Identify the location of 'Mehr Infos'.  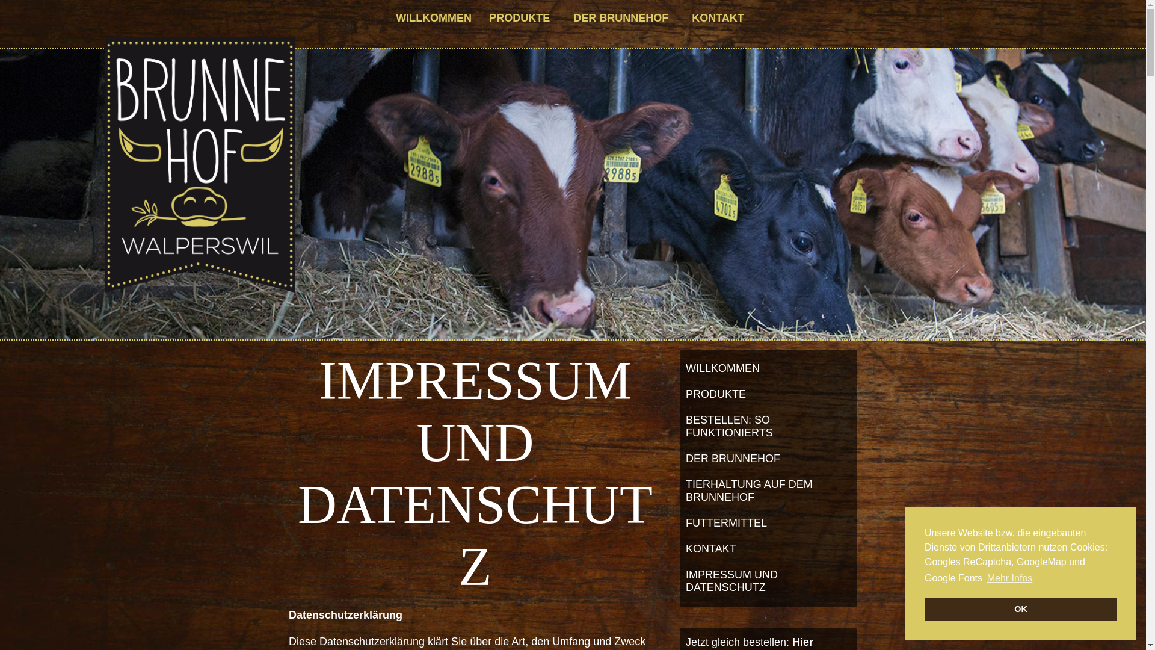
(1010, 577).